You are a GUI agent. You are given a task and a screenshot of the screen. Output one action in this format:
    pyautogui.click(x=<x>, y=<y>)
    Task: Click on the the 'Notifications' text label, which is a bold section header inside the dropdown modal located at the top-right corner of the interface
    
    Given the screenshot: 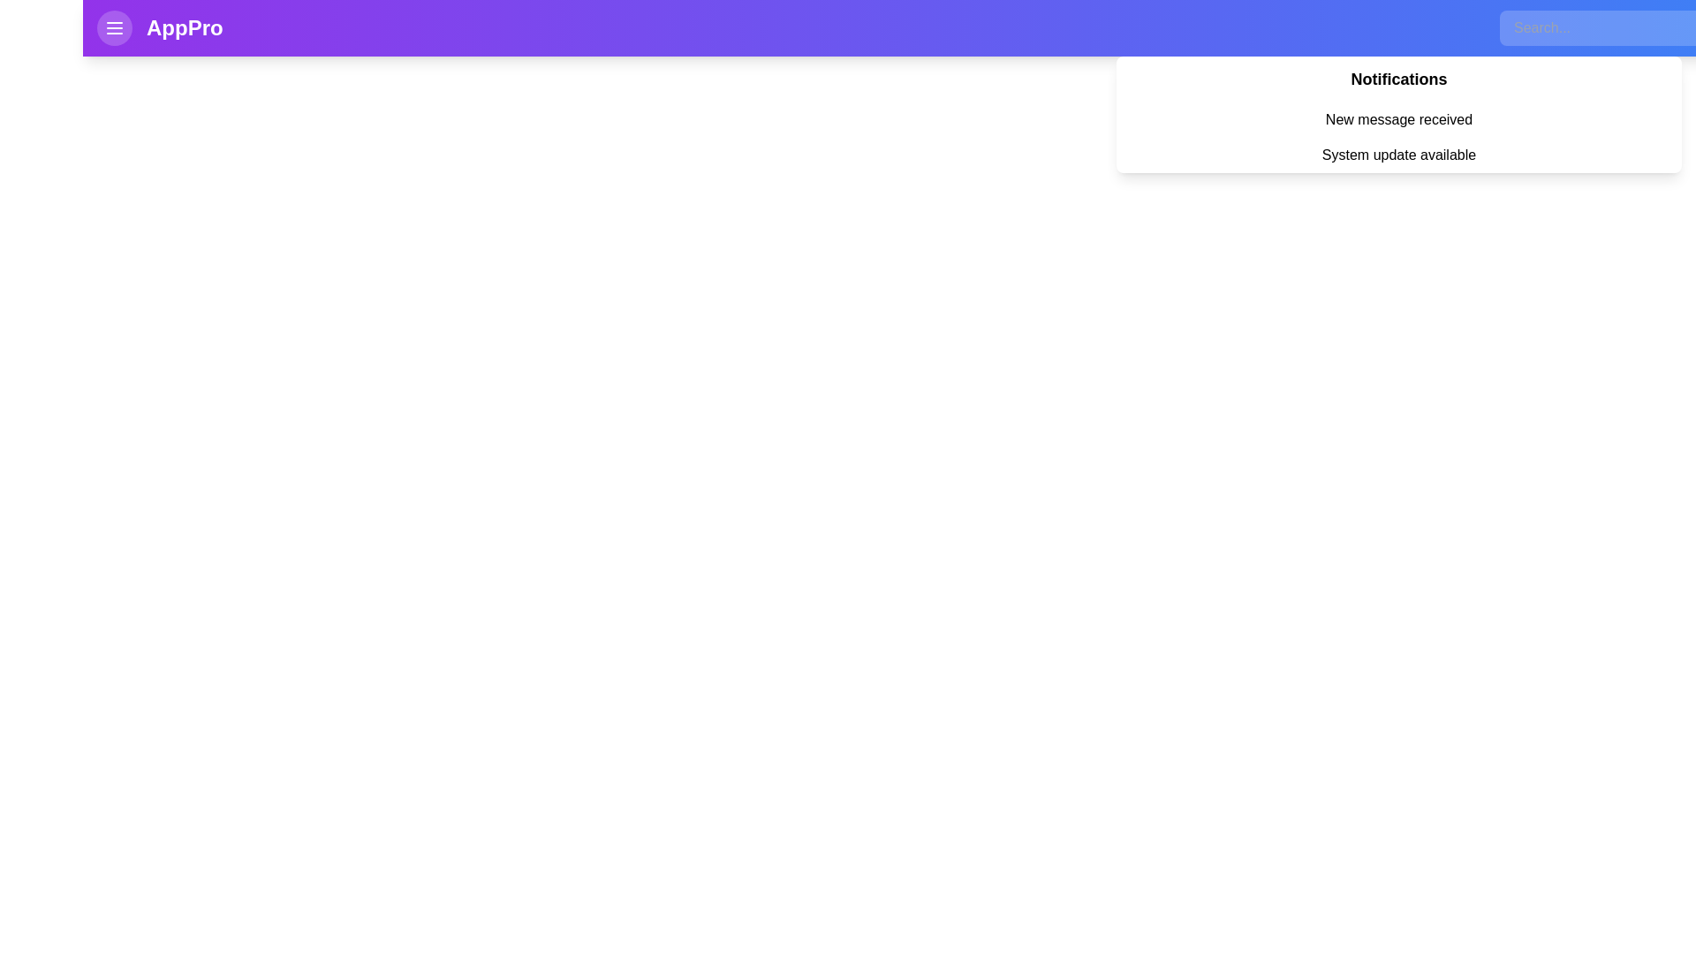 What is the action you would take?
    pyautogui.click(x=1398, y=78)
    